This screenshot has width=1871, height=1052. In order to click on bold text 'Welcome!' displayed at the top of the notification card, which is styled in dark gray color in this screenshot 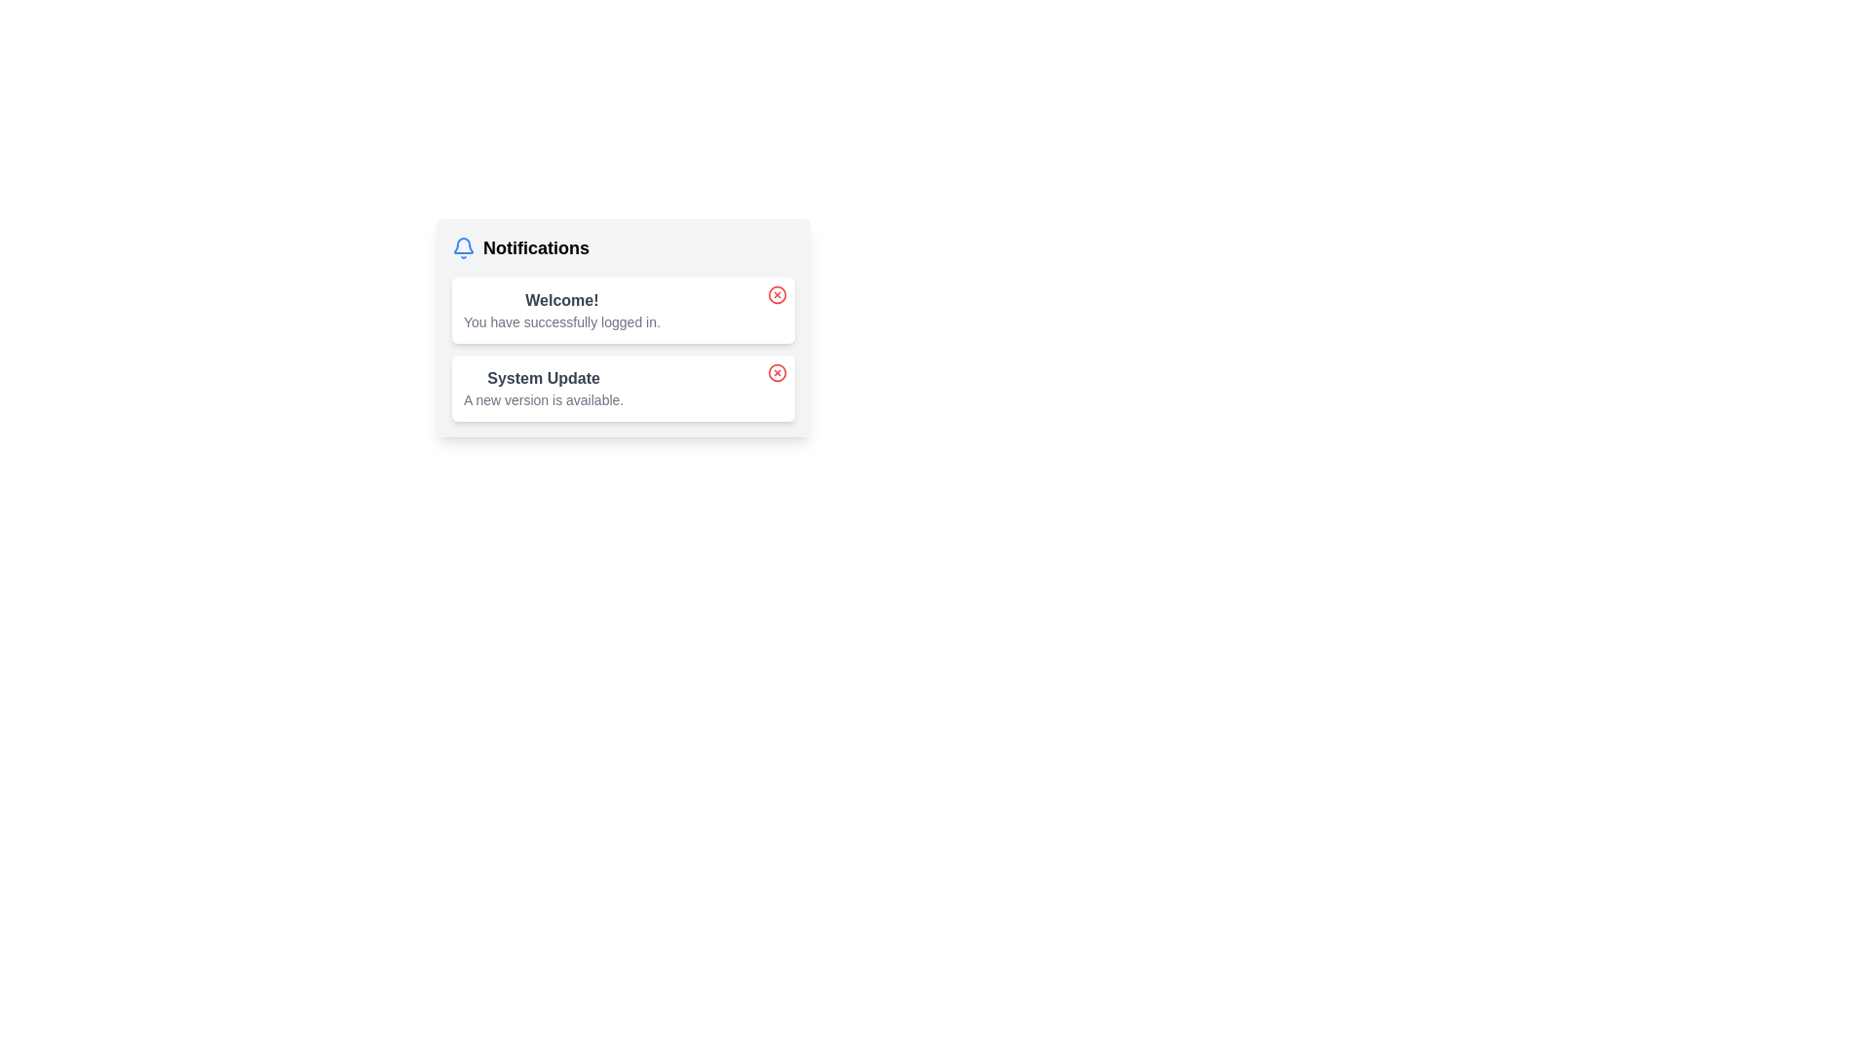, I will do `click(560, 300)`.